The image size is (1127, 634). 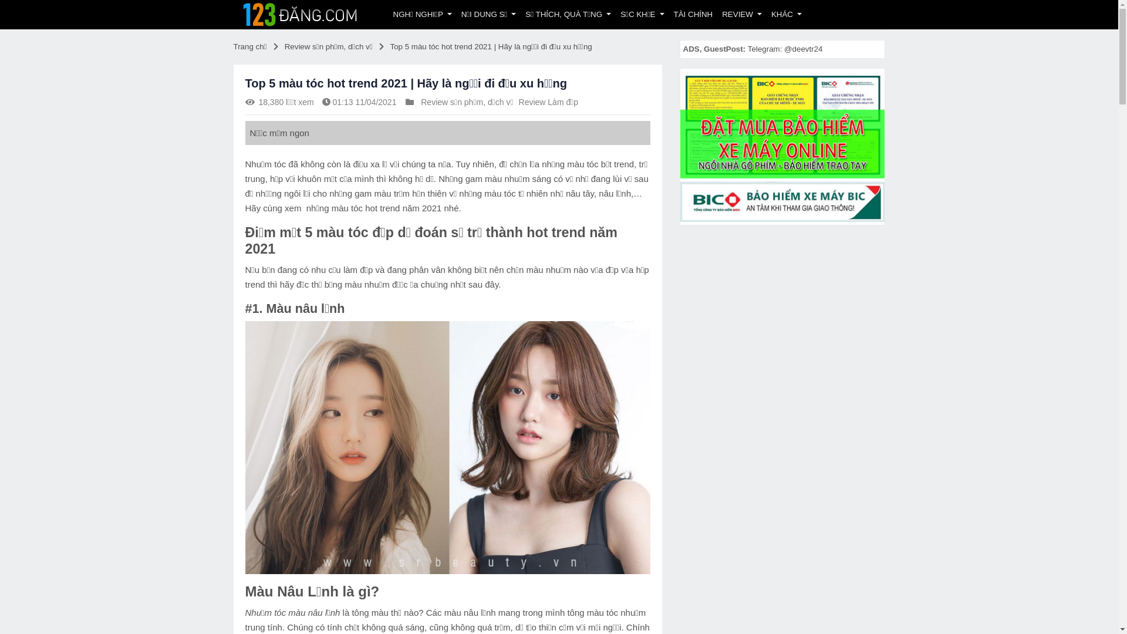 I want to click on '01:13 11/04/2021', so click(x=363, y=101).